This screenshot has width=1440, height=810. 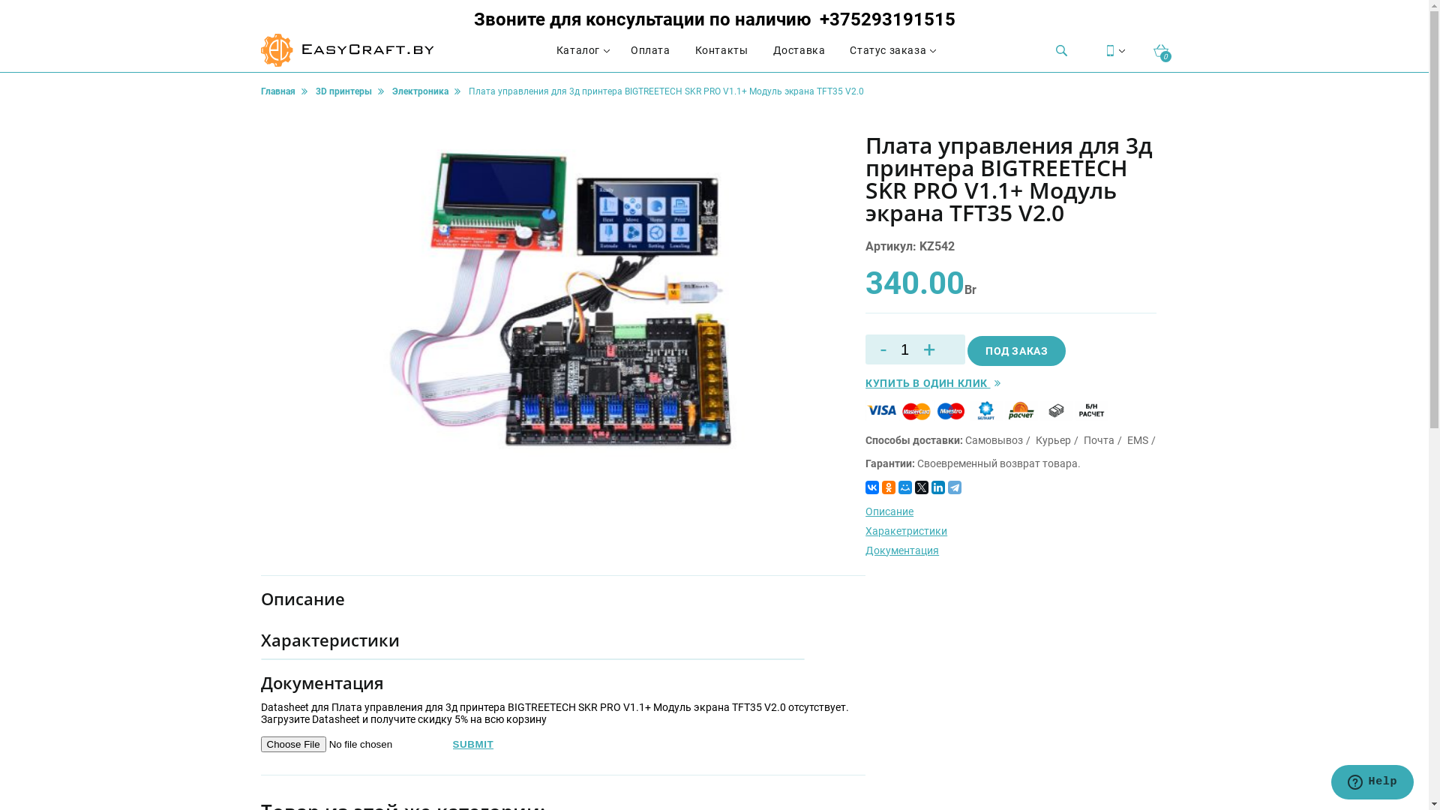 I want to click on '0', so click(x=1159, y=49).